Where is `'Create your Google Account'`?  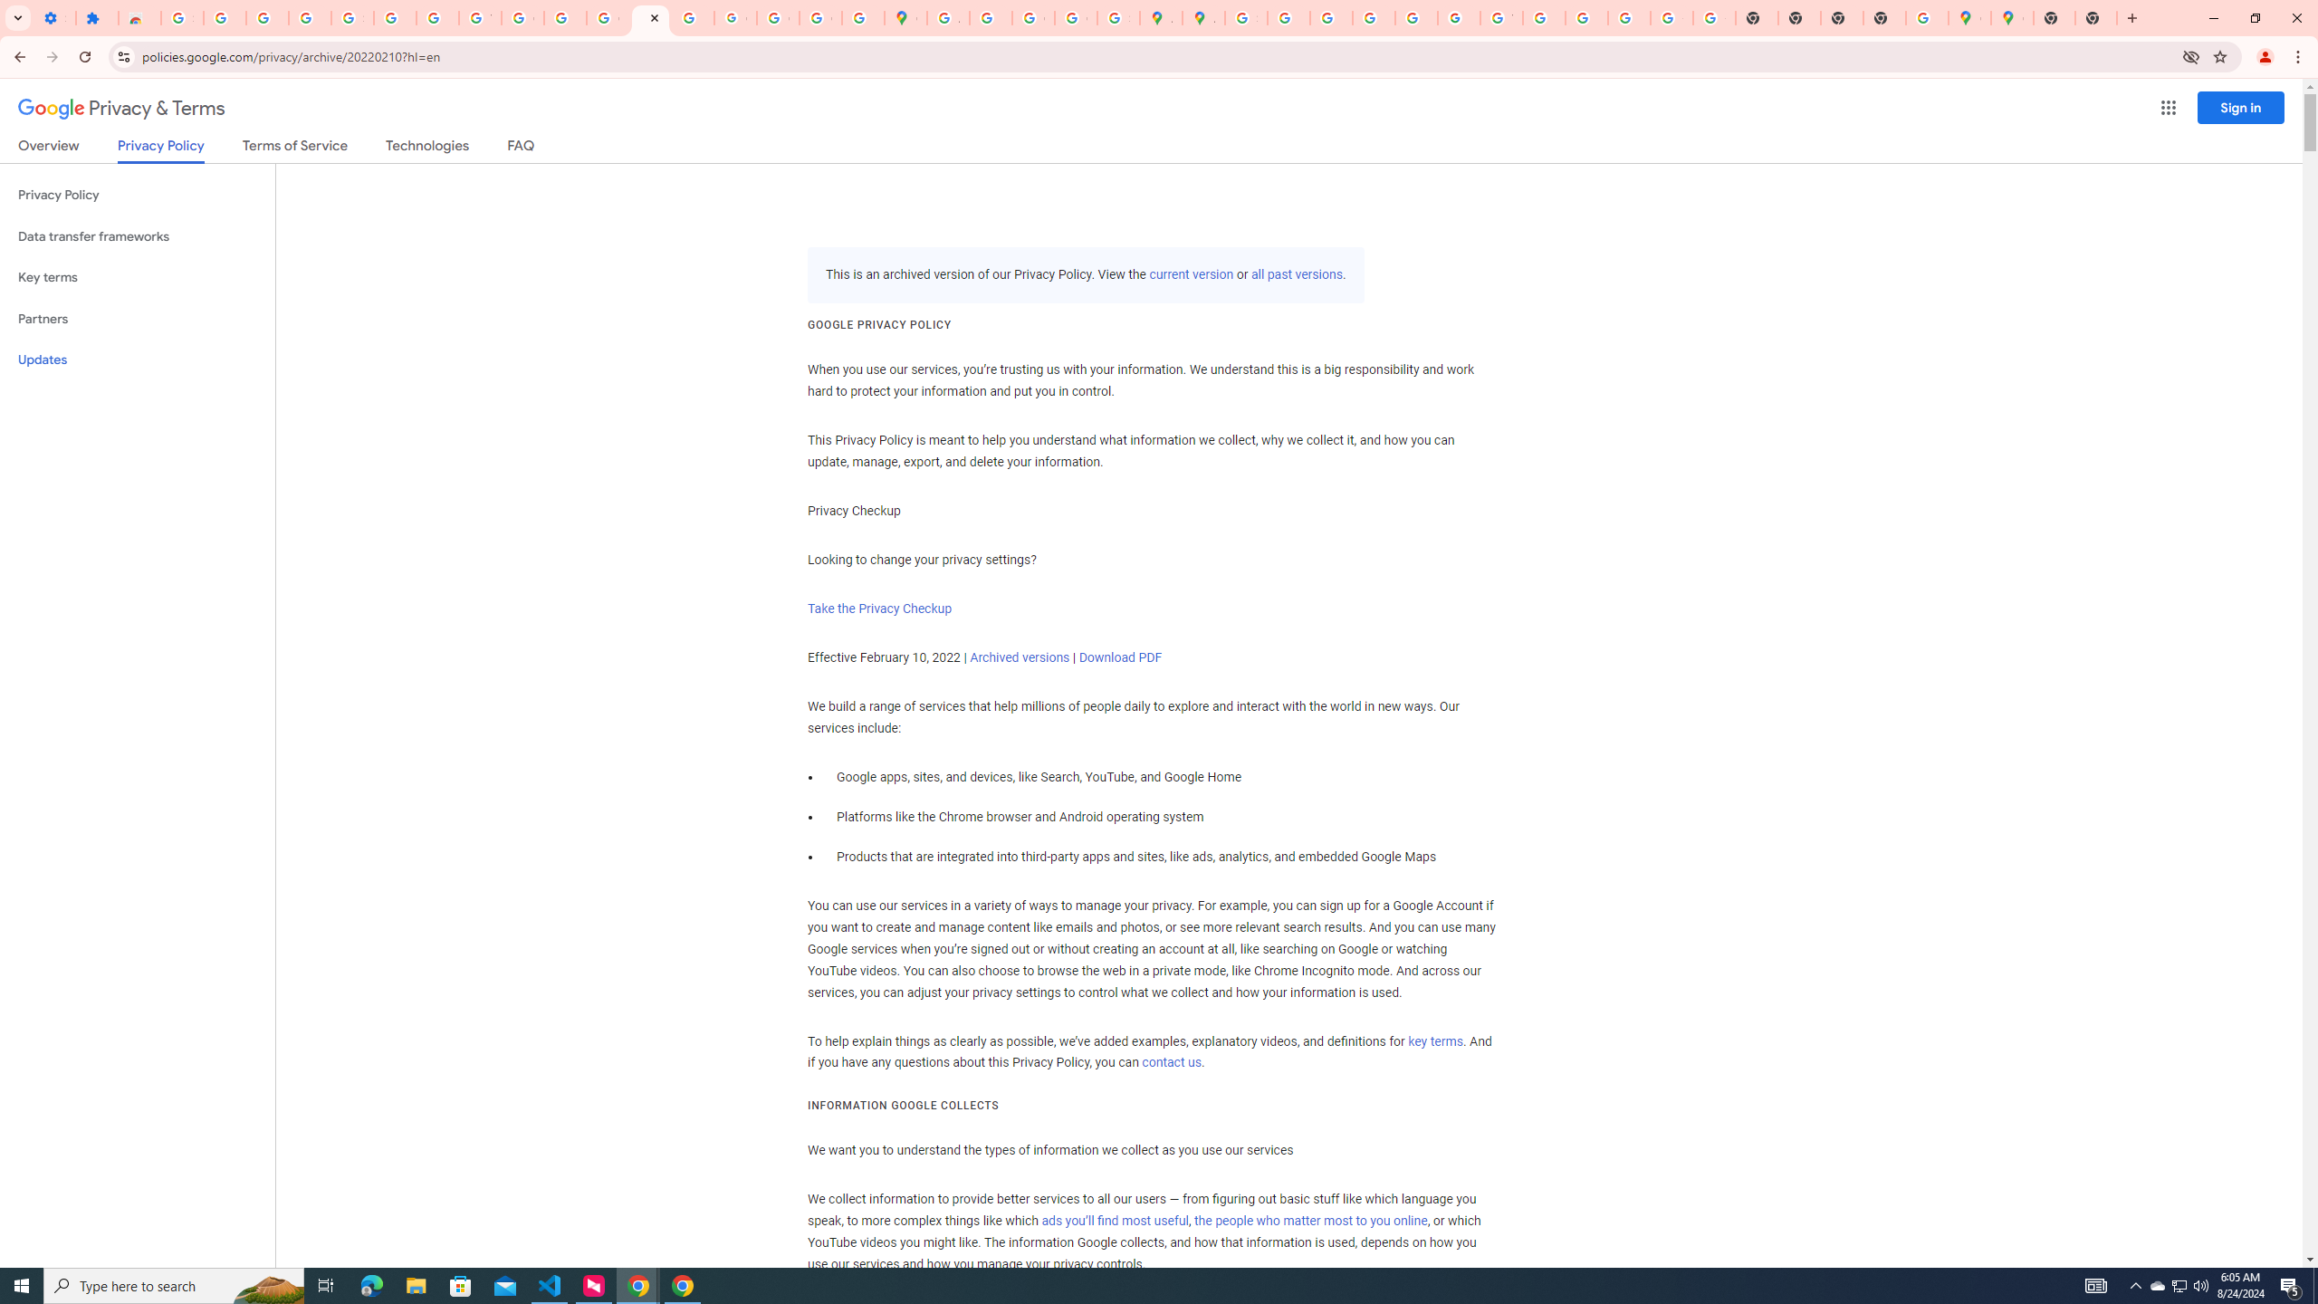 'Create your Google Account' is located at coordinates (1033, 17).